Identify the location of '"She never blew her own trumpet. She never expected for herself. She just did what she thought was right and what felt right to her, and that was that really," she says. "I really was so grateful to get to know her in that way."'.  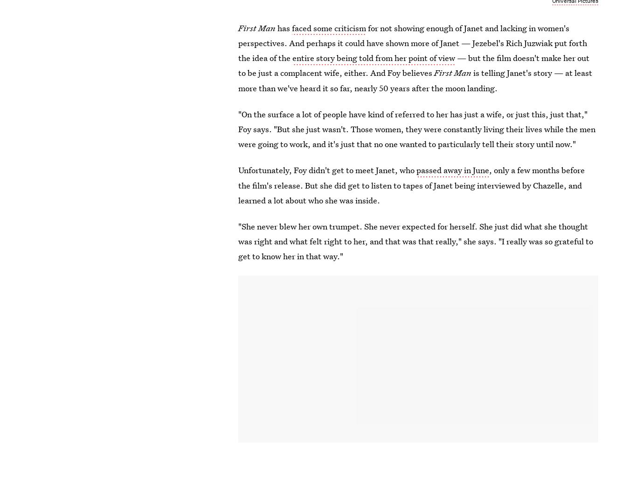
(415, 241).